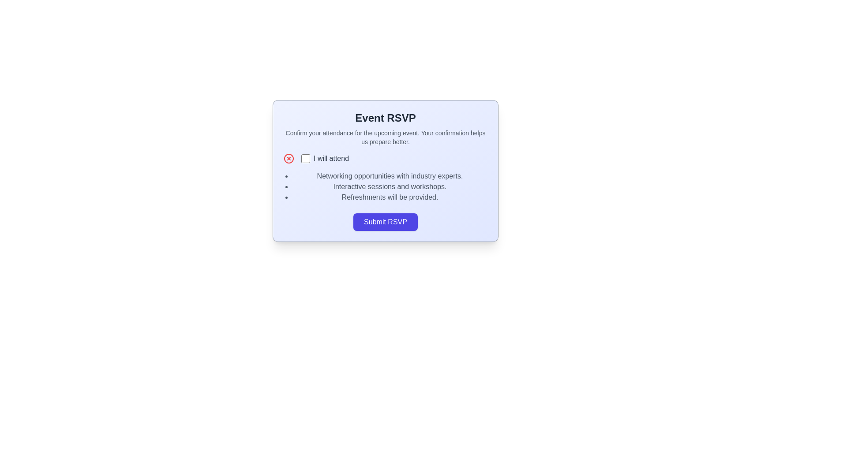 The width and height of the screenshot is (847, 476). I want to click on the text label displaying the message 'Confirm your attendance for the upcoming event. Your confirmation helps us prepare better.' which is positioned below the title 'Event RSVP.', so click(385, 138).